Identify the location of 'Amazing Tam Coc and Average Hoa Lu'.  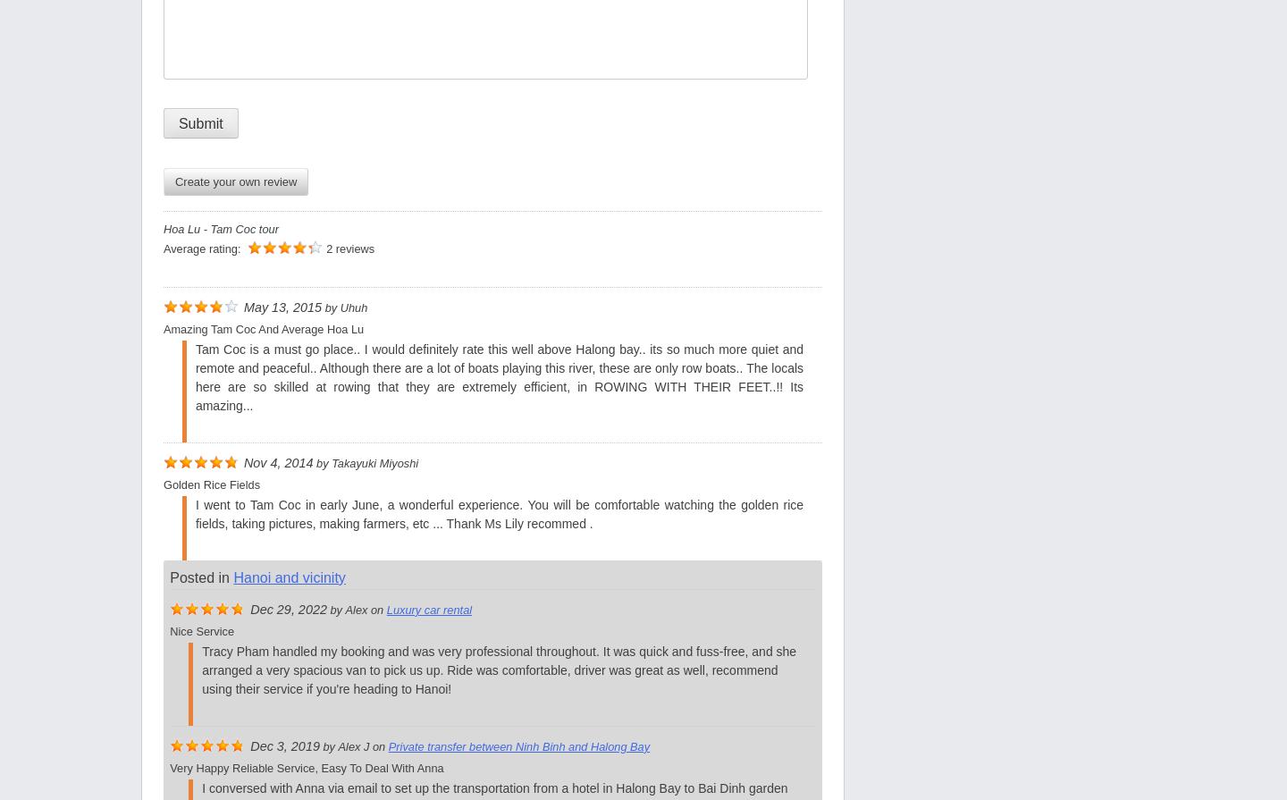
(262, 329).